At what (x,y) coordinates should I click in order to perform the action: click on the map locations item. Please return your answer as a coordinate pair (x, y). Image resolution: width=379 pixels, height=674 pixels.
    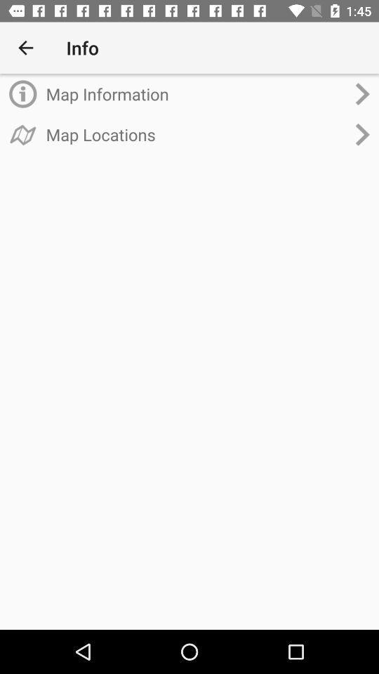
    Looking at the image, I should click on (195, 134).